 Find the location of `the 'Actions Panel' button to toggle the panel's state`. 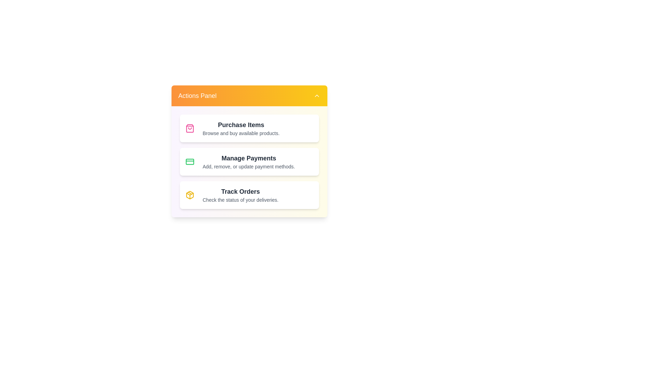

the 'Actions Panel' button to toggle the panel's state is located at coordinates (249, 96).